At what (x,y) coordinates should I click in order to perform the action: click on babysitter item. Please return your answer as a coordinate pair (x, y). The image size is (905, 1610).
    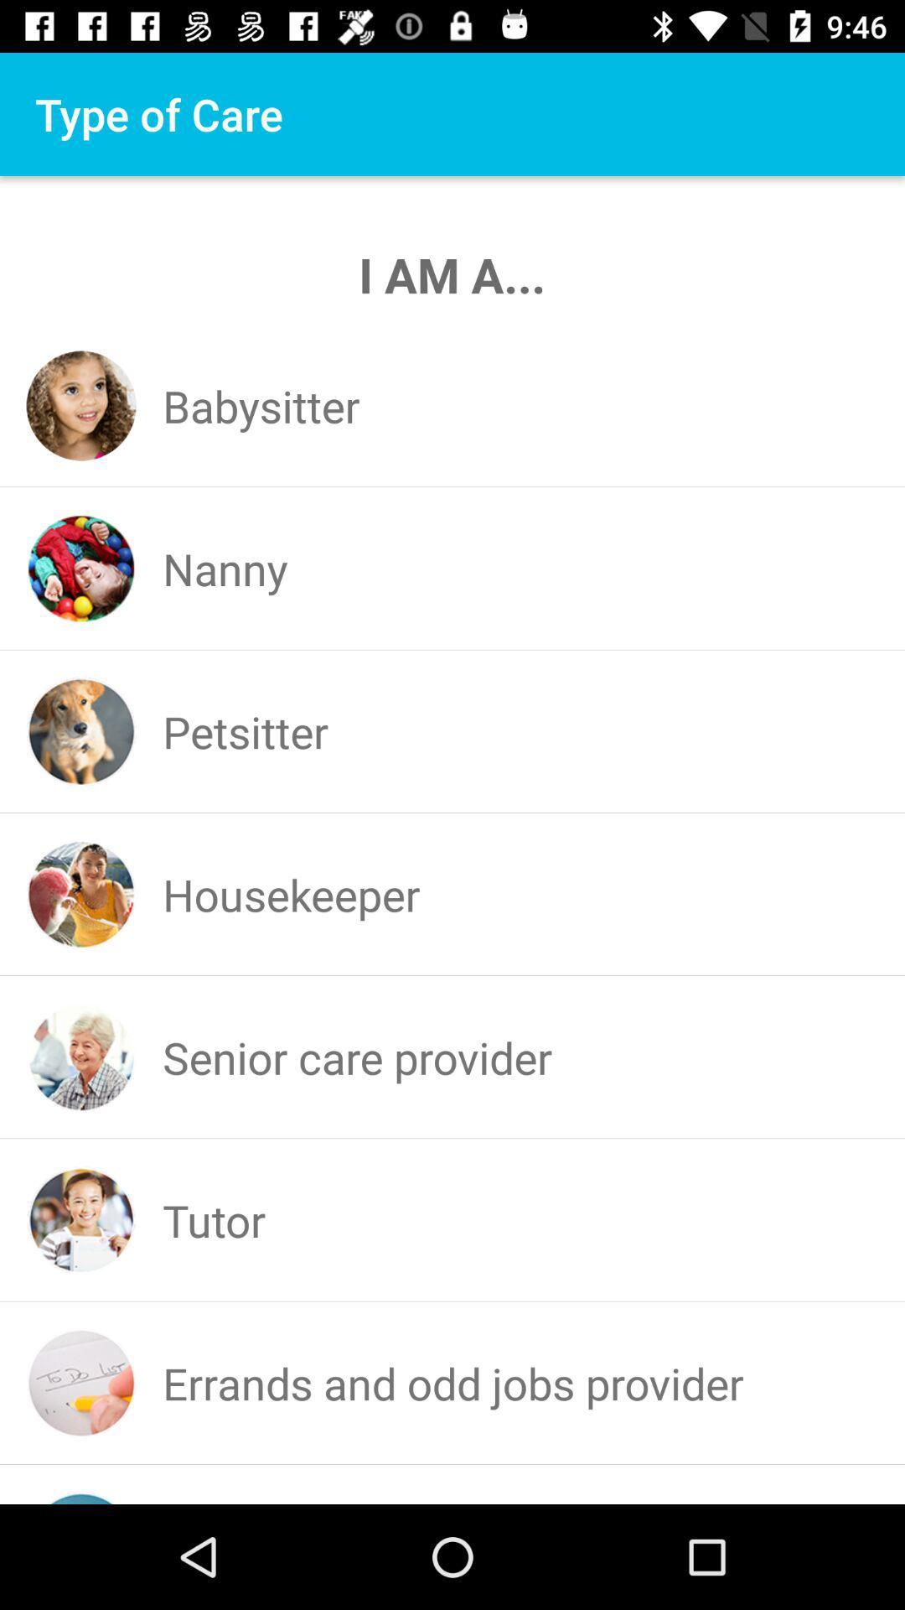
    Looking at the image, I should click on (261, 406).